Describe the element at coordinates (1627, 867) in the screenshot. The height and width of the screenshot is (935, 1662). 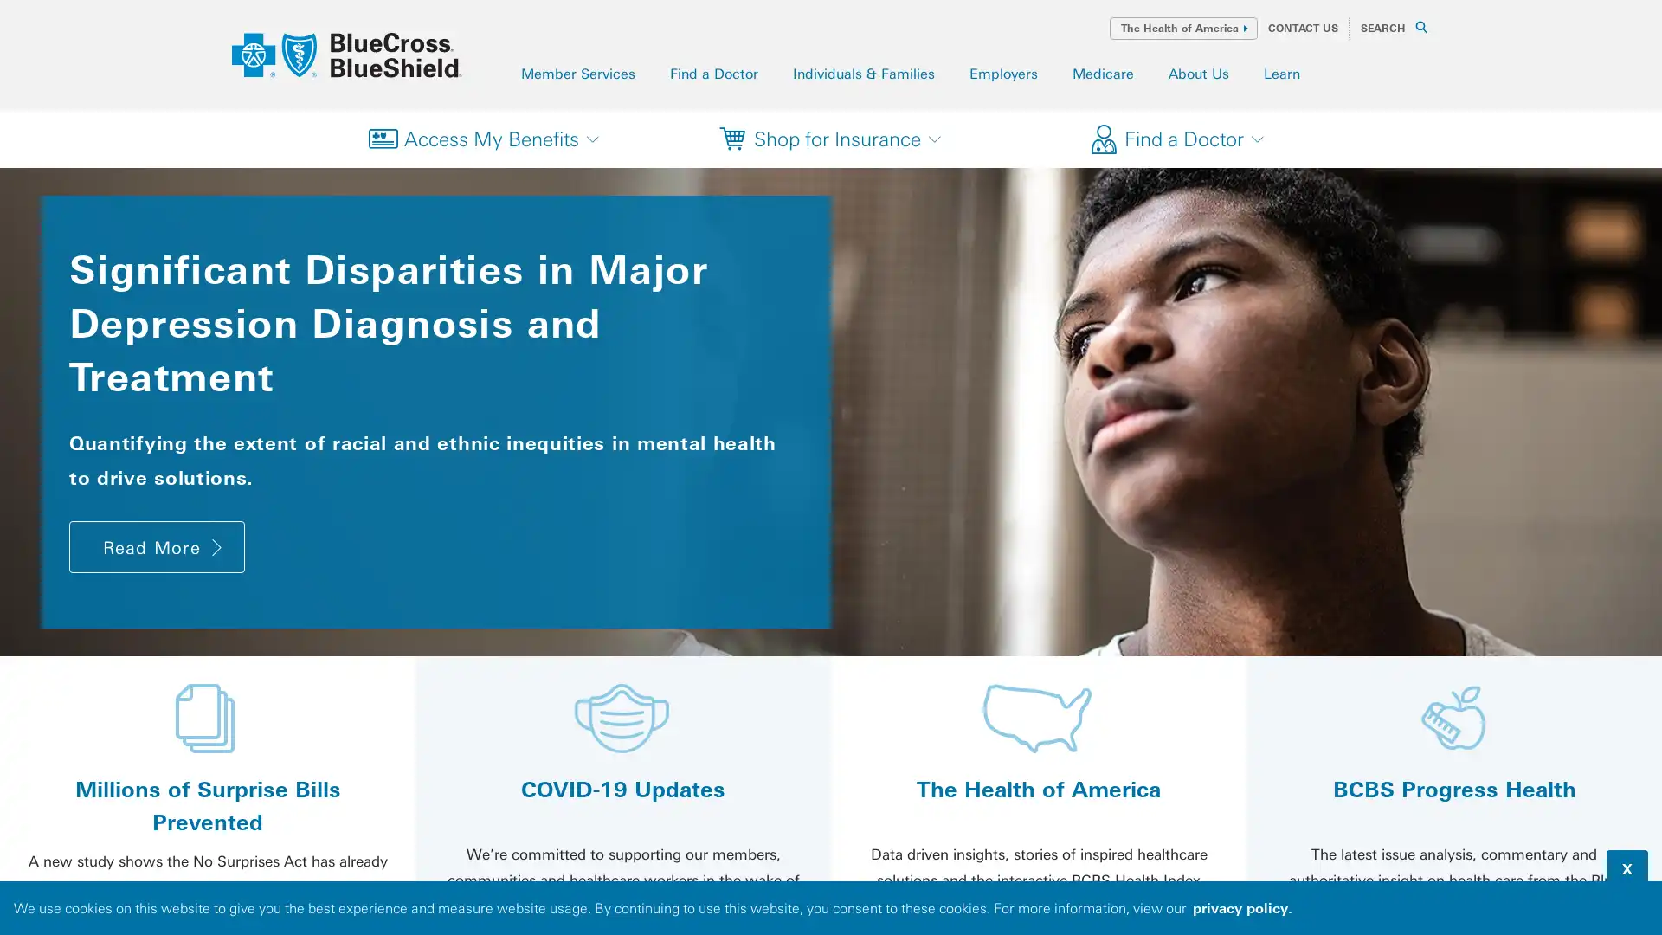
I see `dismiss cookie message` at that location.